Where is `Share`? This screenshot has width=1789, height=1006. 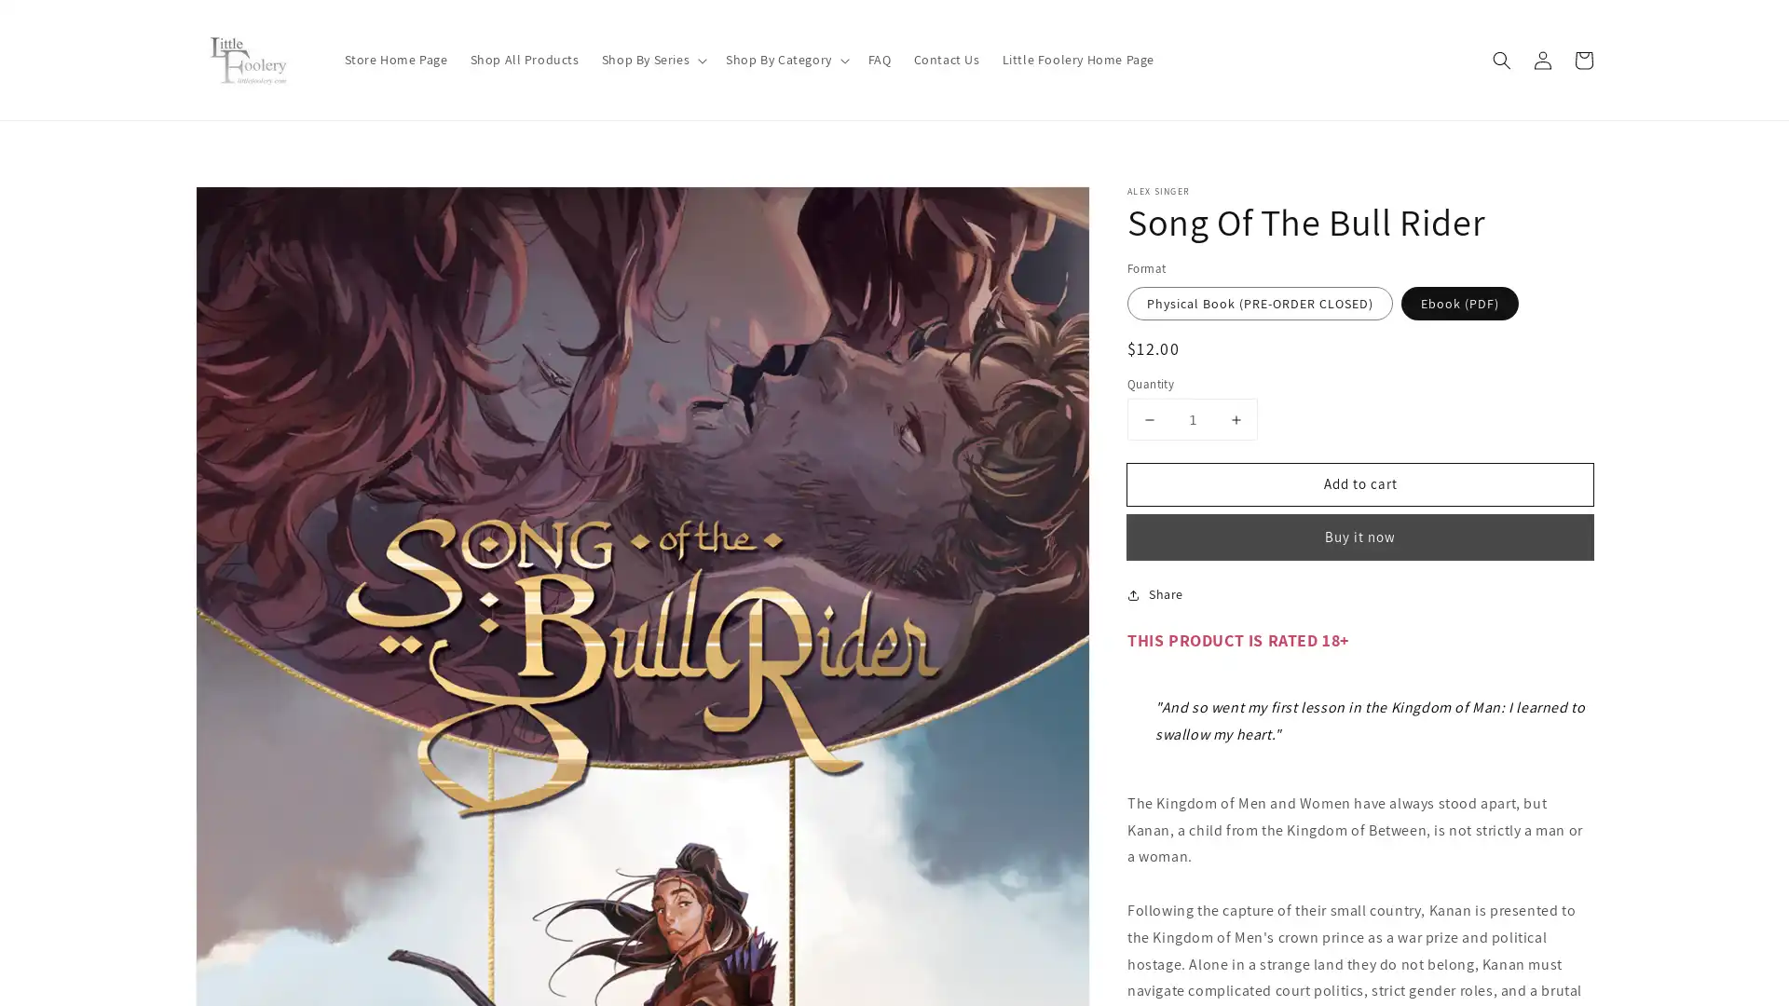 Share is located at coordinates (1154, 594).